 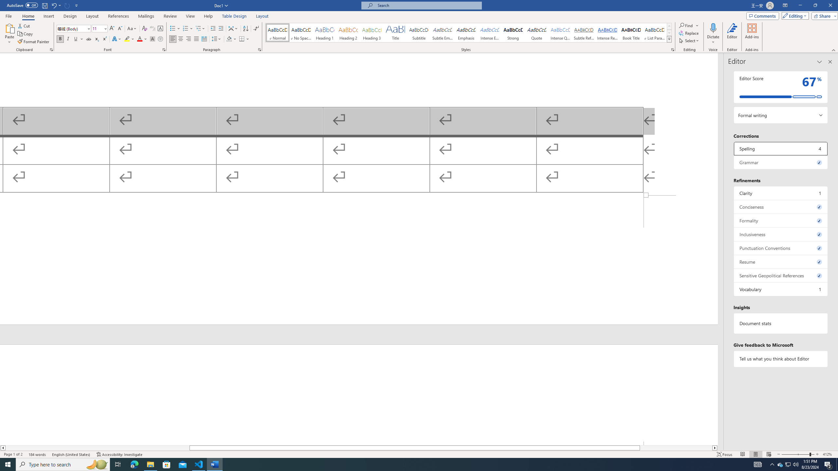 I want to click on 'Undo Outline Move Up', so click(x=56, y=5).